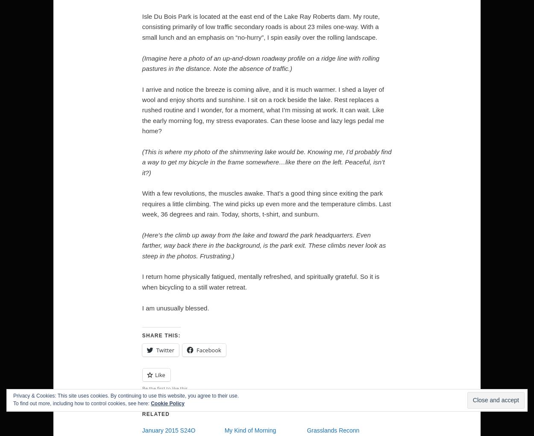 The height and width of the screenshot is (436, 534). I want to click on 'I am unusually blessed.', so click(175, 307).